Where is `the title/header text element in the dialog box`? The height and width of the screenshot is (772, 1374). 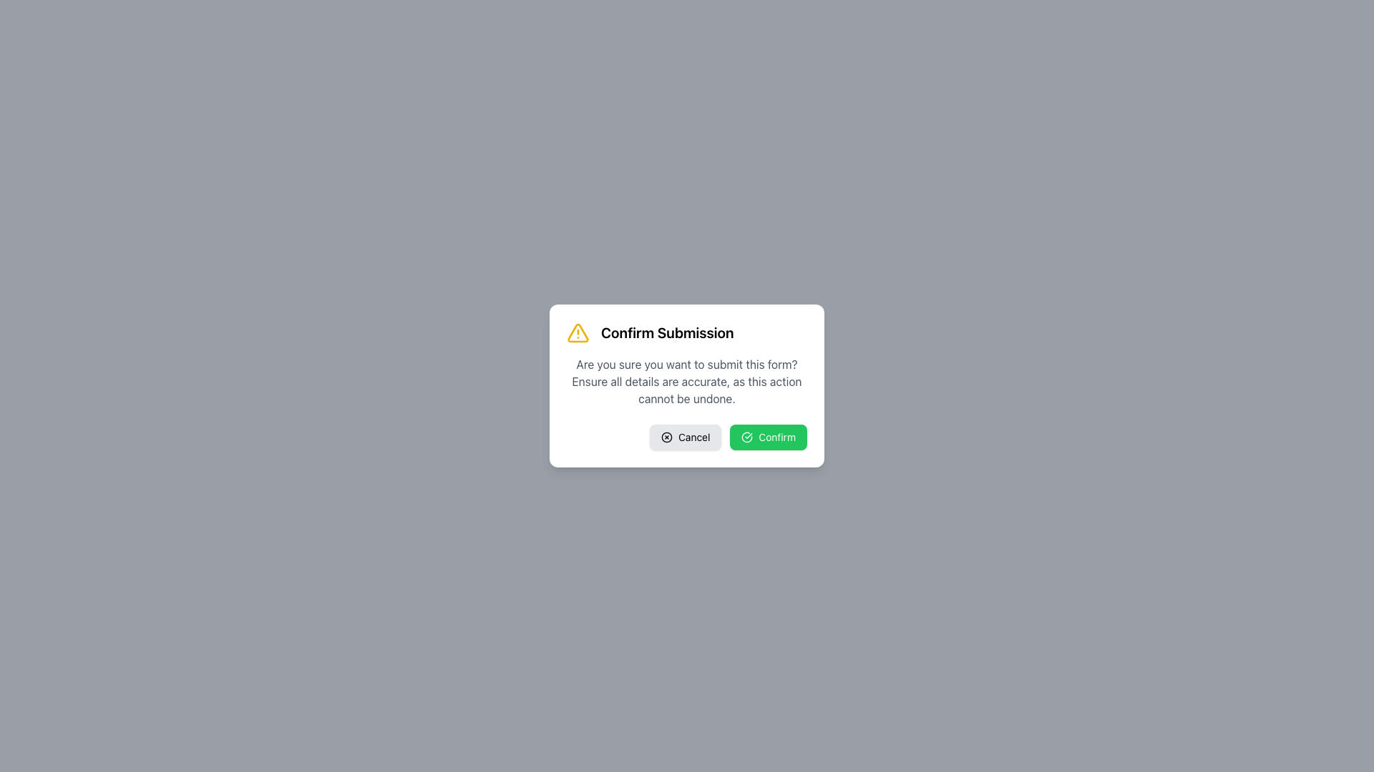 the title/header text element in the dialog box is located at coordinates (687, 333).